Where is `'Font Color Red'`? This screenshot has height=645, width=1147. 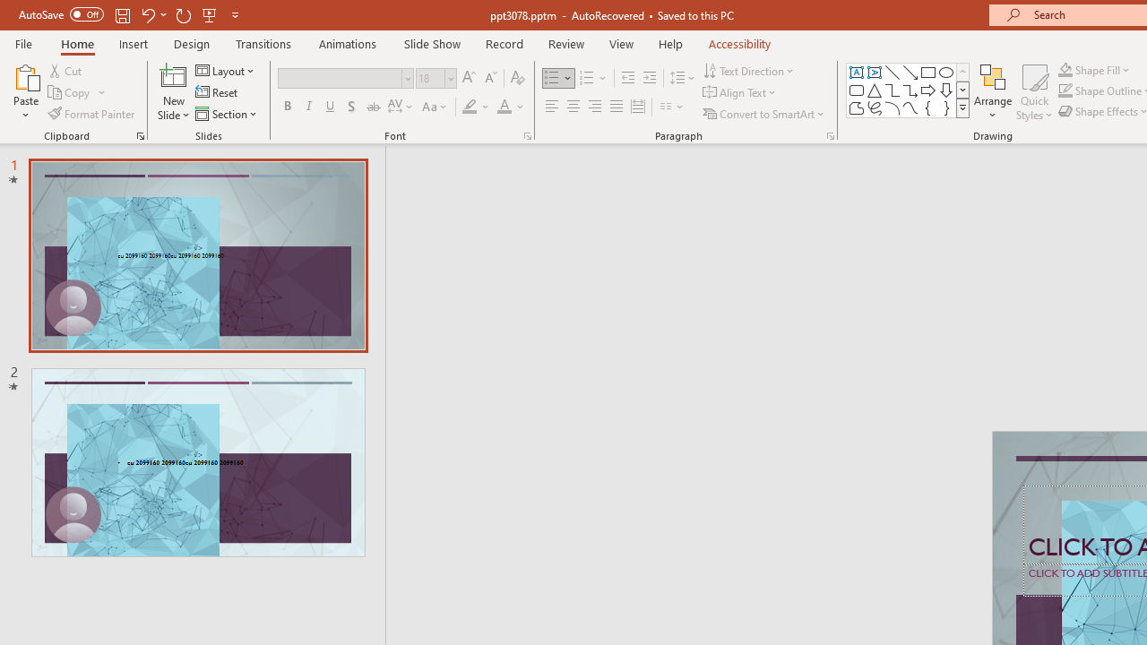
'Font Color Red' is located at coordinates (503, 107).